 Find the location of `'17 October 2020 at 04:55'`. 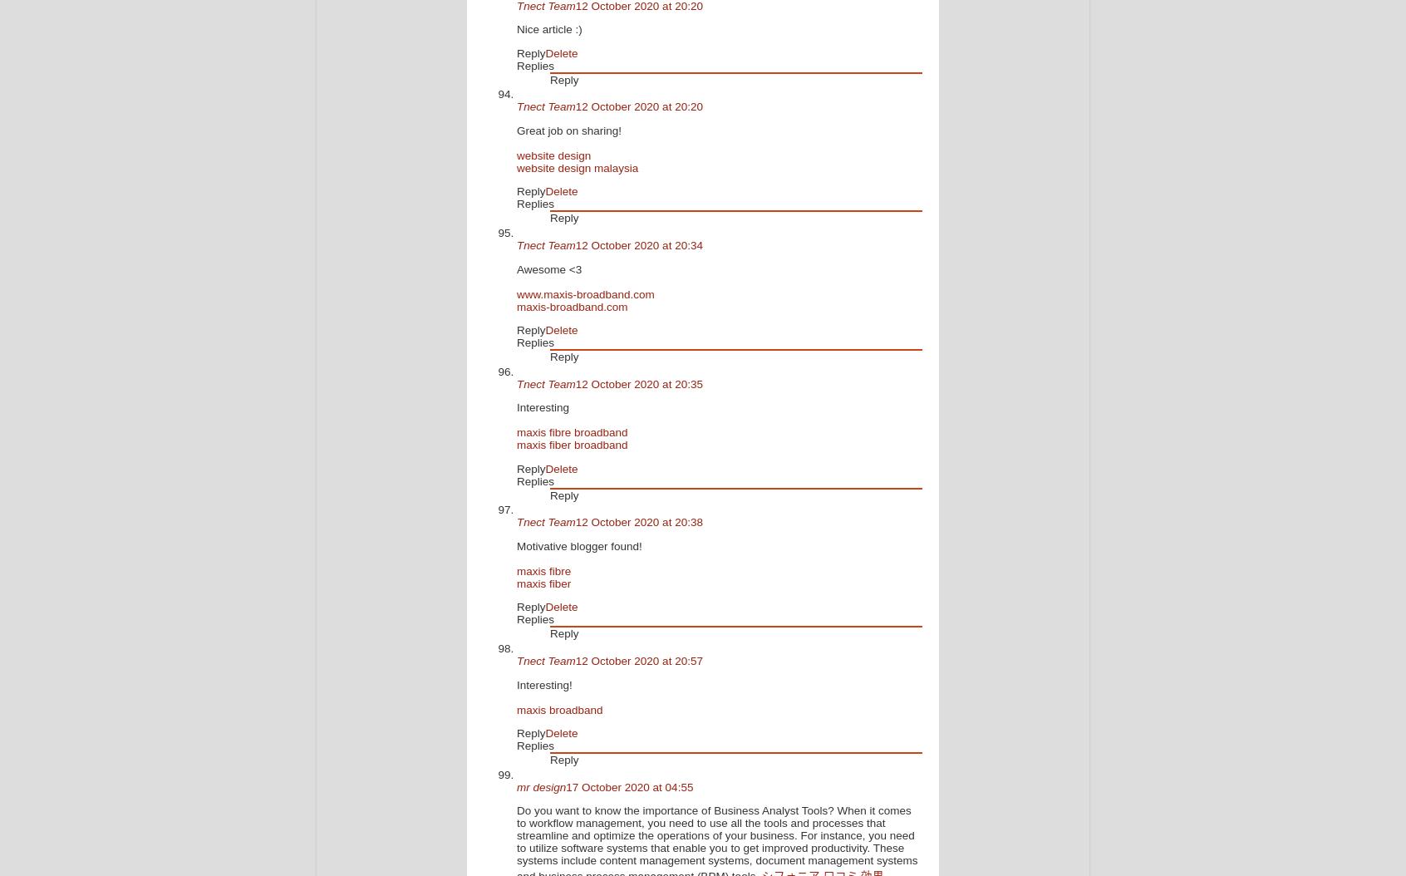

'17 October 2020 at 04:55' is located at coordinates (628, 785).